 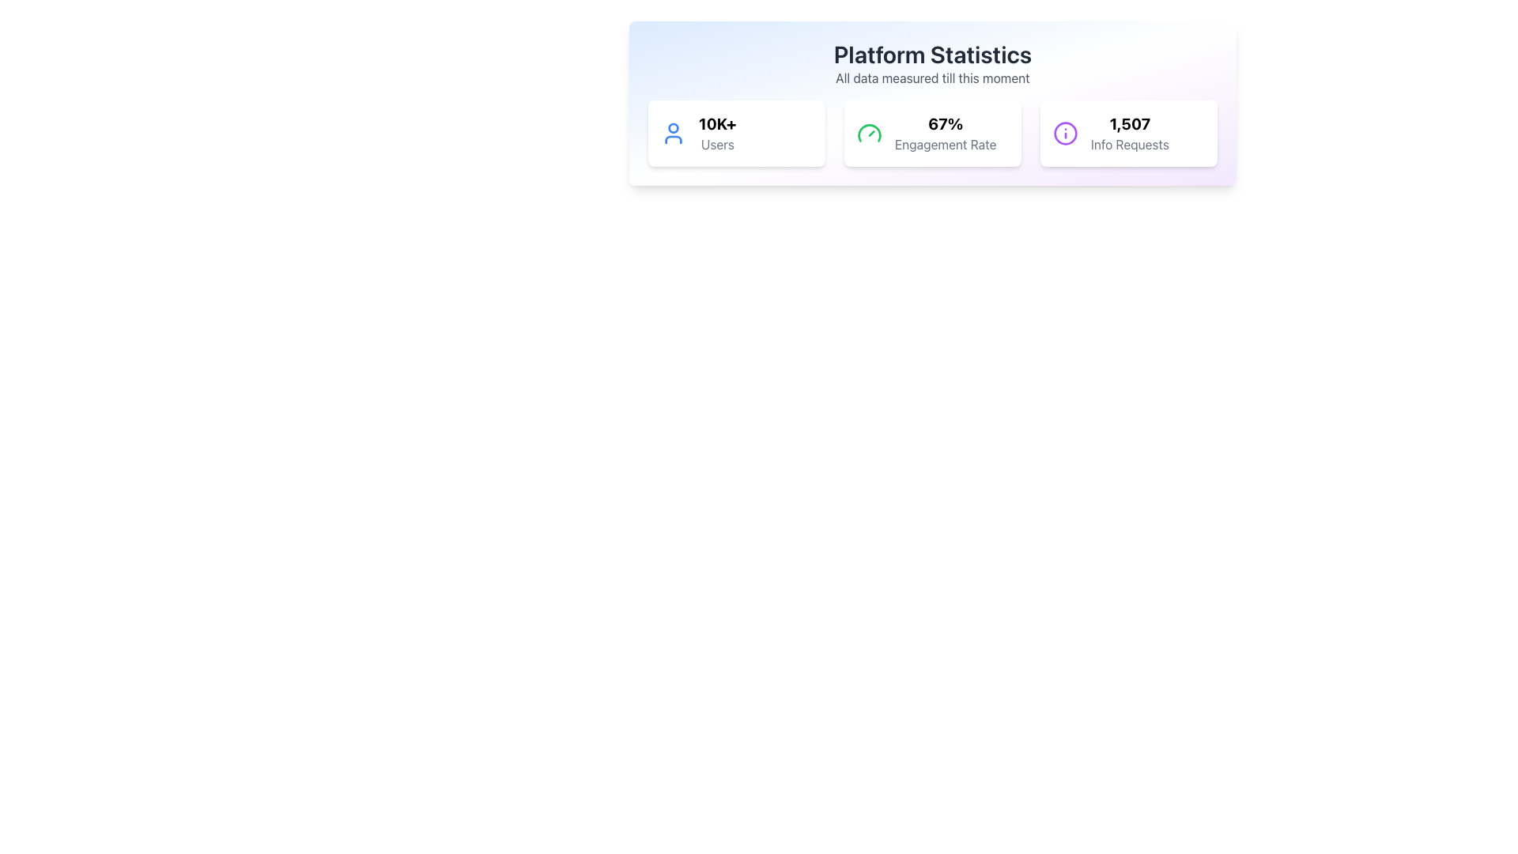 What do you see at coordinates (673, 127) in the screenshot?
I see `the small circular graphical component that represents the head of the blue user icon located in the upper part of the icon, situated in the left-most card of the statistics panel` at bounding box center [673, 127].